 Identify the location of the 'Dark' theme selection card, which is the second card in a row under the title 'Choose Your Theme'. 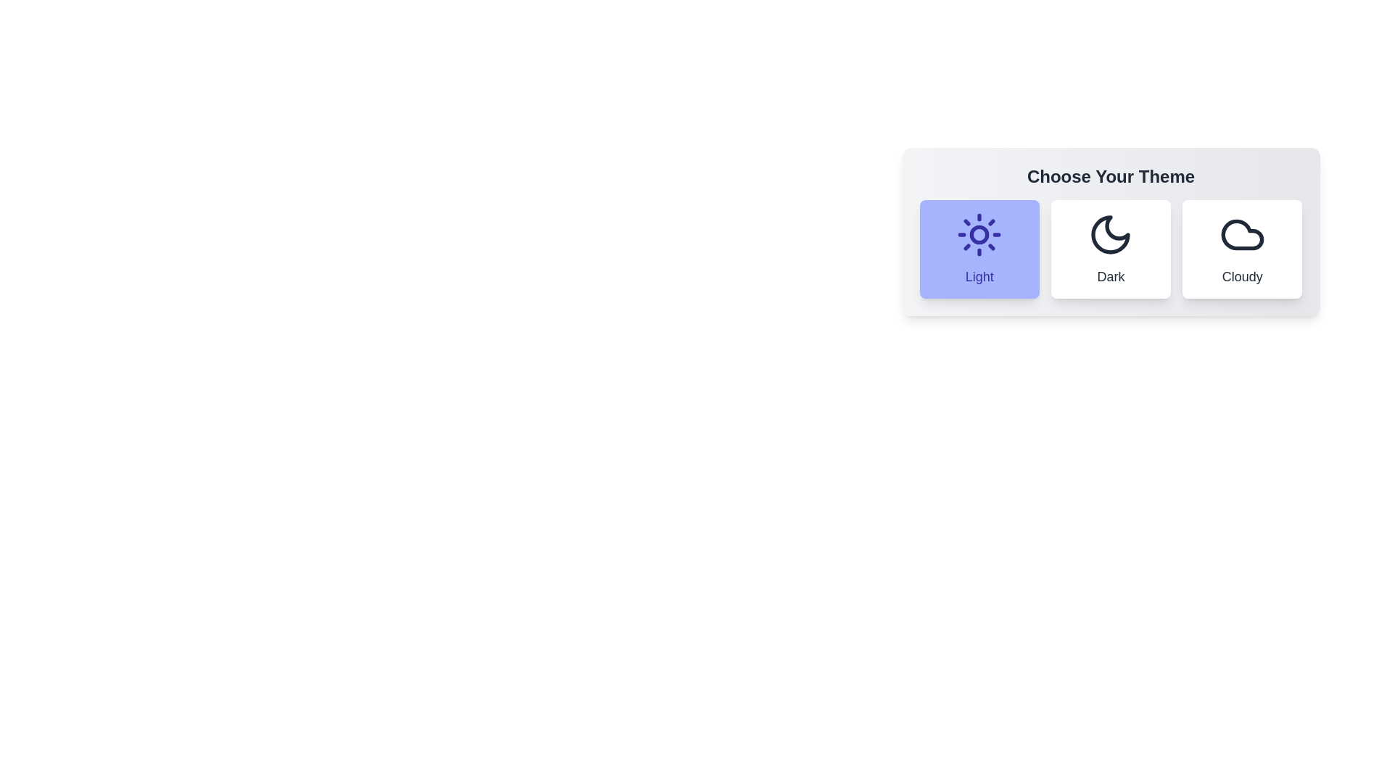
(1110, 262).